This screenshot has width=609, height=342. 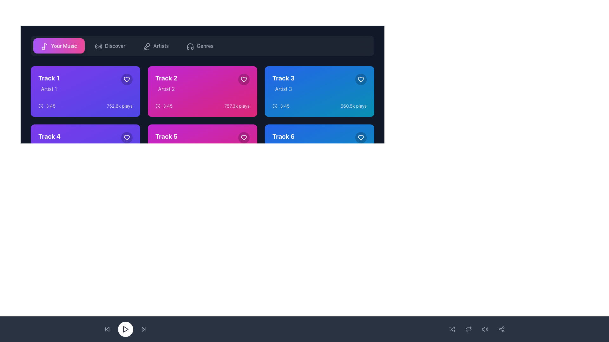 I want to click on the circular button with a white background and a black outlined play icon, so click(x=125, y=329).